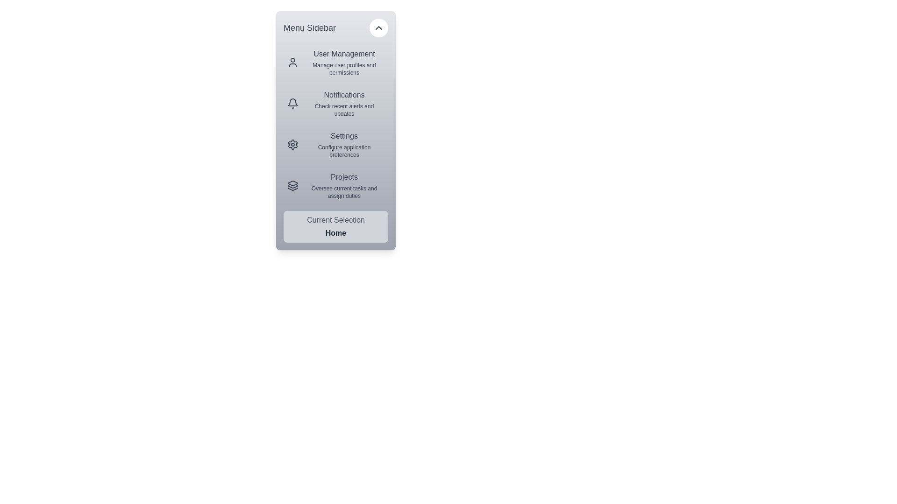  Describe the element at coordinates (336, 227) in the screenshot. I see `the 'Current Selection' label in the sidebar menu, which has a light gray background and contains the text 'Home' in bold below 'Current Selection'` at that location.